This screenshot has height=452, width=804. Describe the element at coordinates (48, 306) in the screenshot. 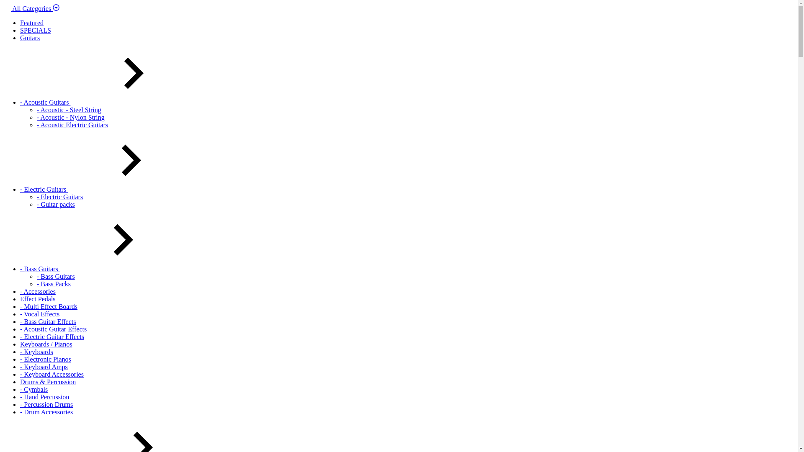

I see `'- Multi Effect Boards'` at that location.